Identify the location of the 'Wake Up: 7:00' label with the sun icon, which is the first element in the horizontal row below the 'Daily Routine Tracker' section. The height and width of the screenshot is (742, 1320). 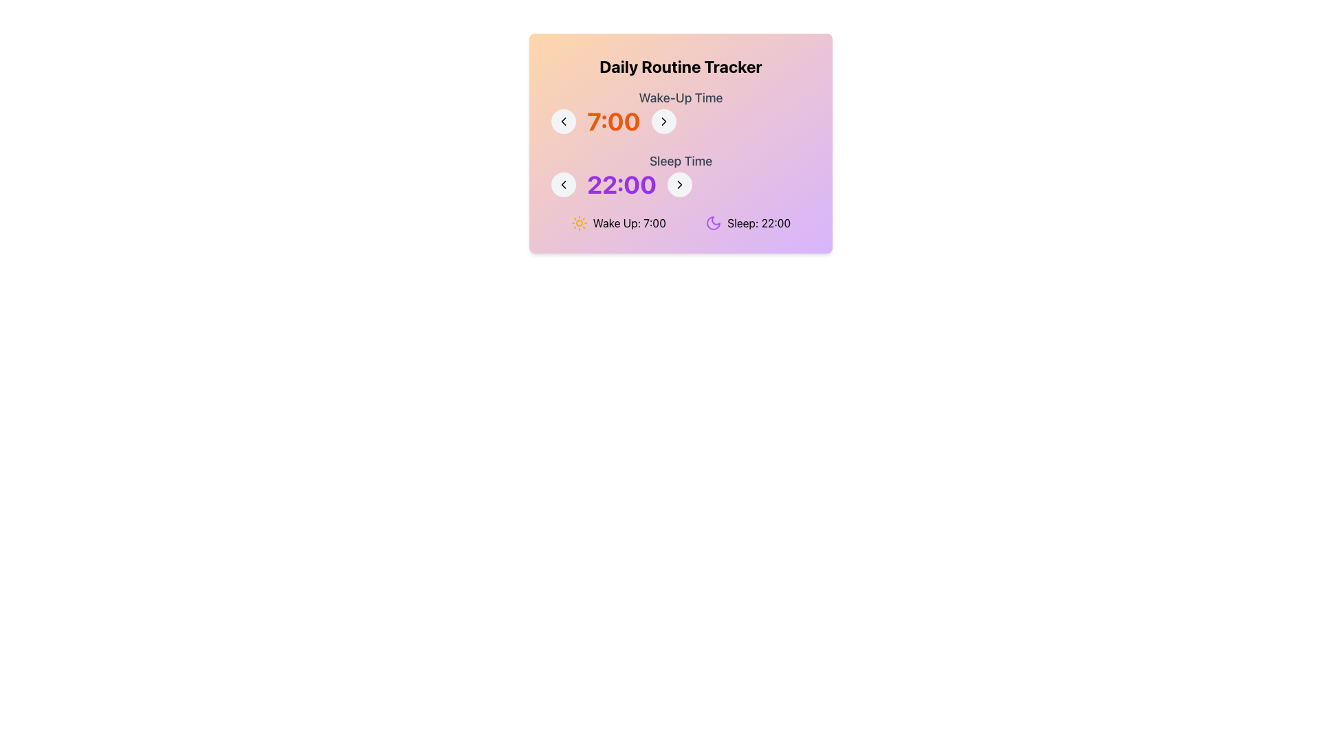
(617, 222).